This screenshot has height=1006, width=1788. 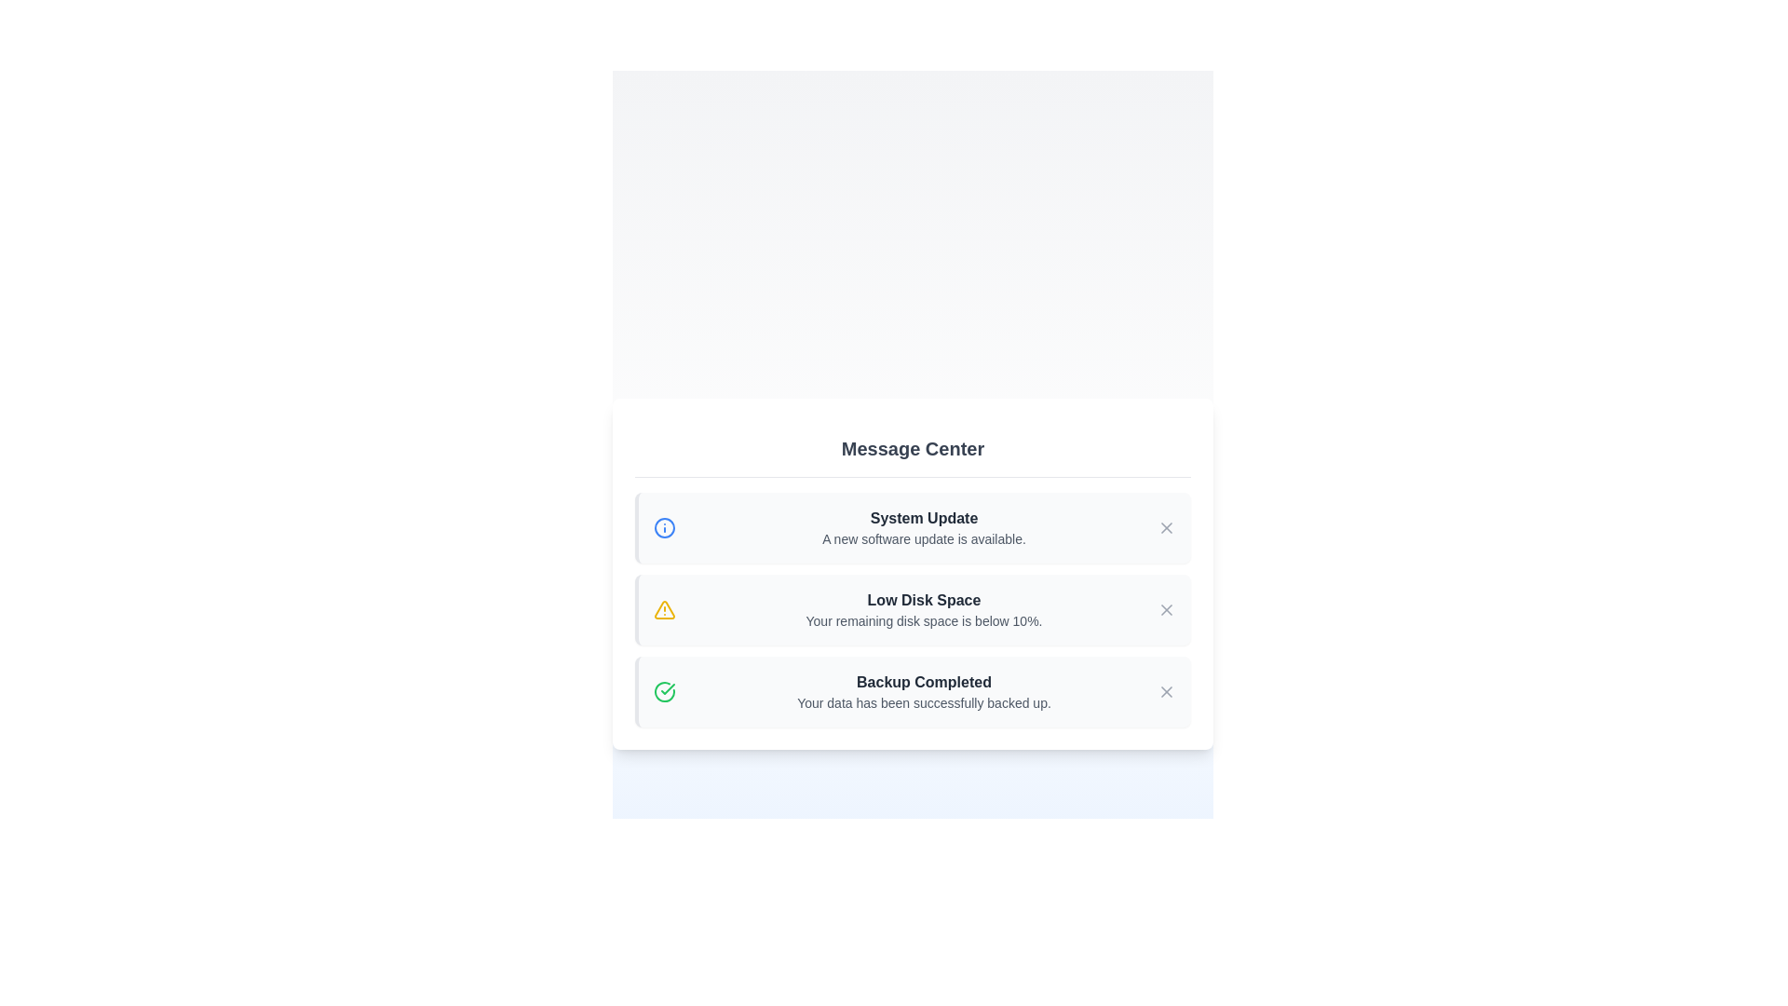 What do you see at coordinates (924, 609) in the screenshot?
I see `text from the 'Low Disk Space' warning notification, which is the second notification in the 'Message Center'` at bounding box center [924, 609].